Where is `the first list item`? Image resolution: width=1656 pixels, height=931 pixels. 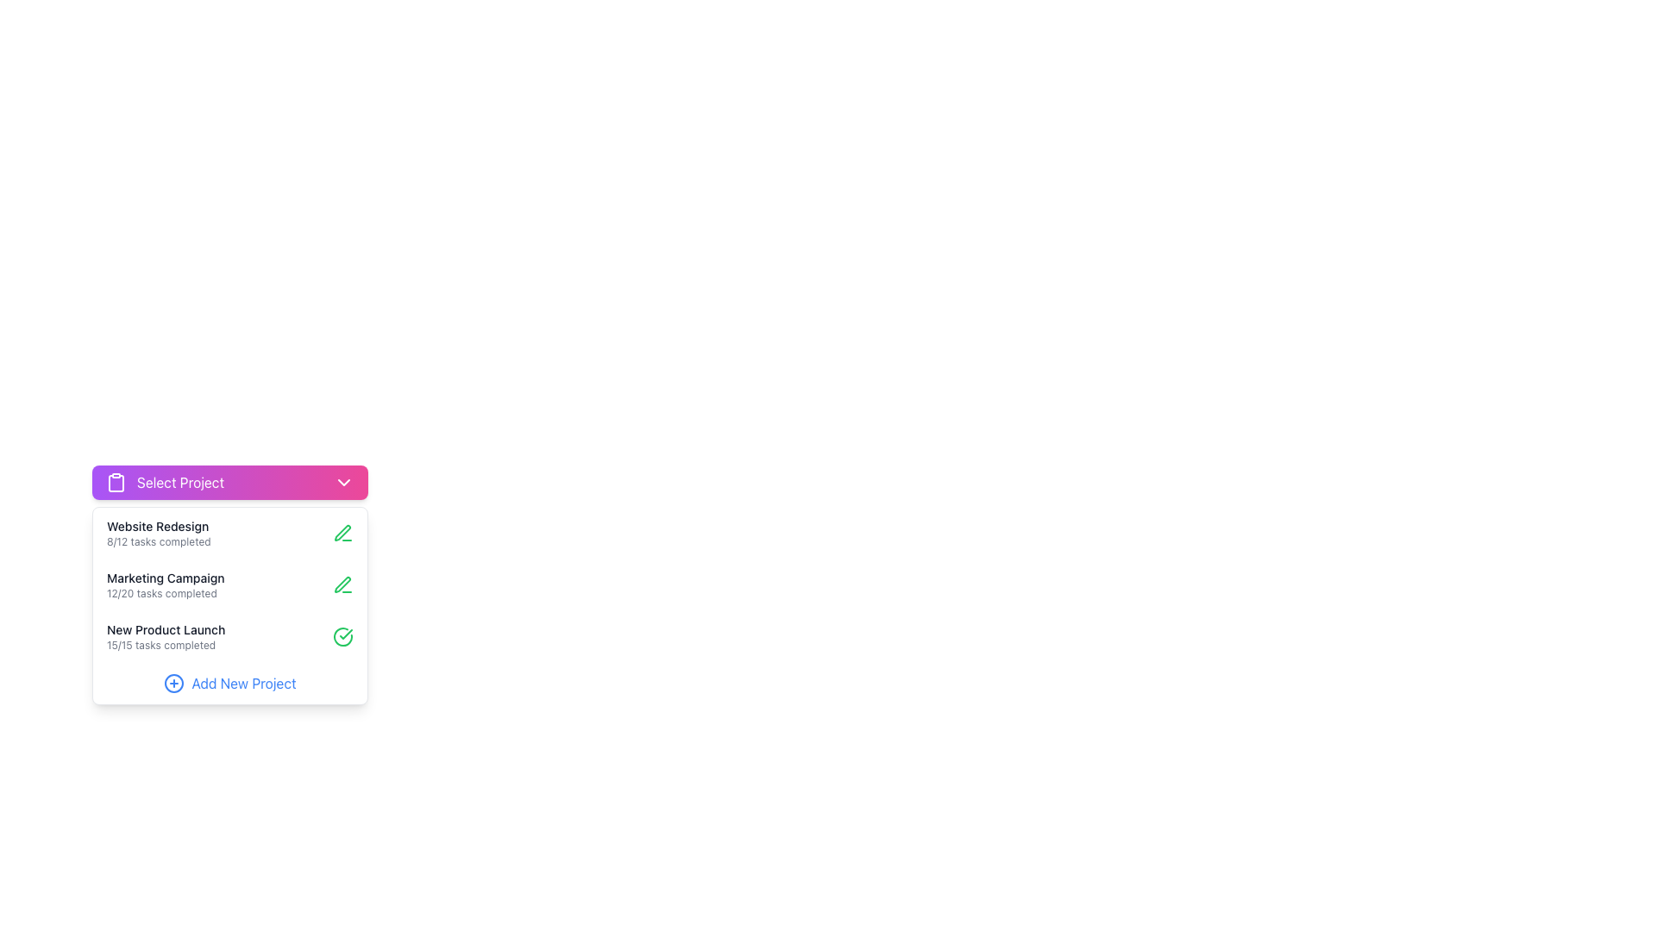
the first list item is located at coordinates (229, 532).